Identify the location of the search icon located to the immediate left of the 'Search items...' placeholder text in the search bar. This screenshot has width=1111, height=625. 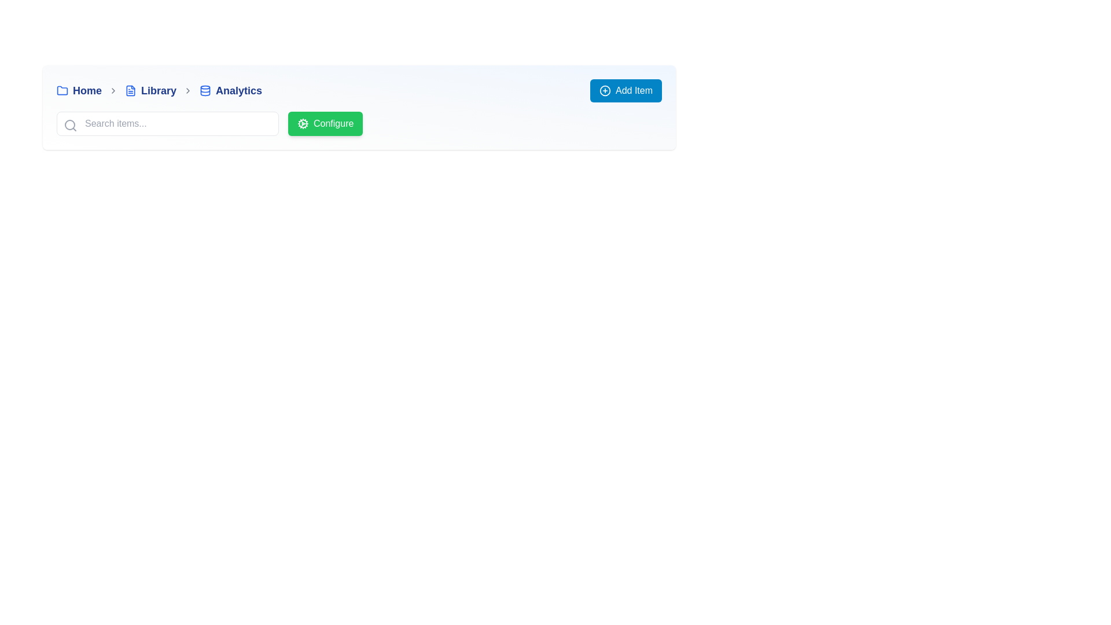
(69, 125).